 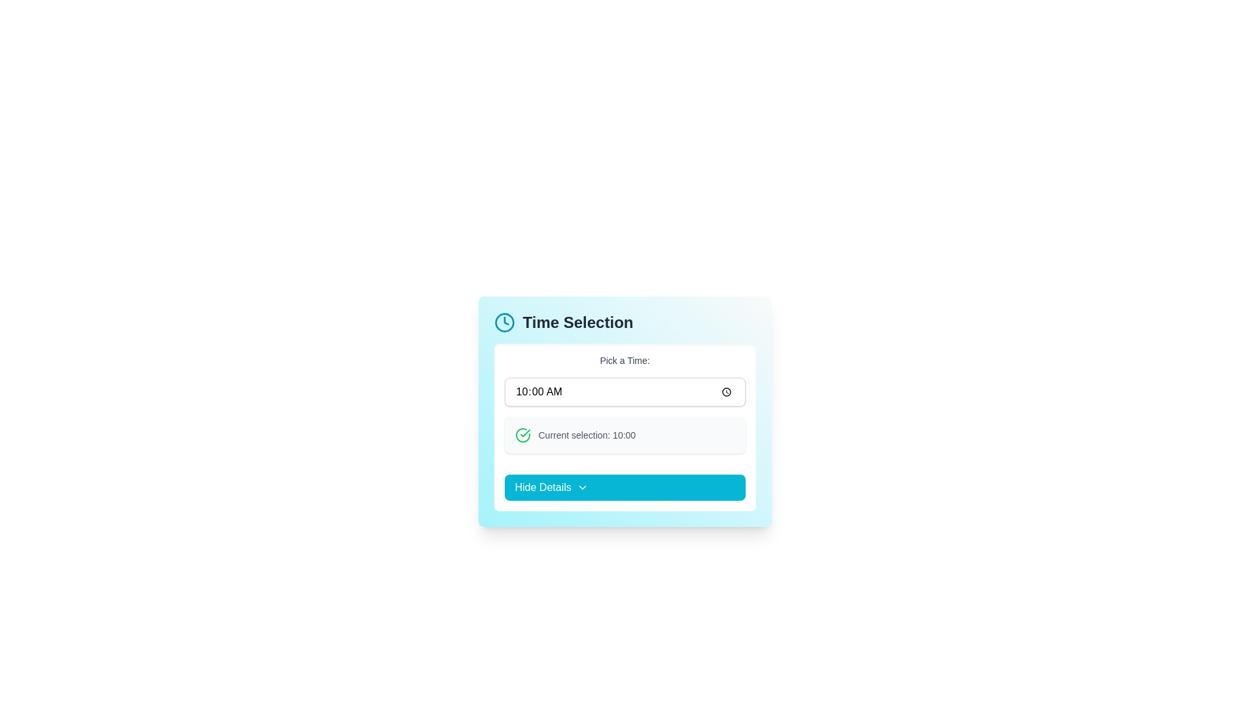 I want to click on the 'Hide Details' button at the bottom of the time selection interface, so click(x=624, y=427).